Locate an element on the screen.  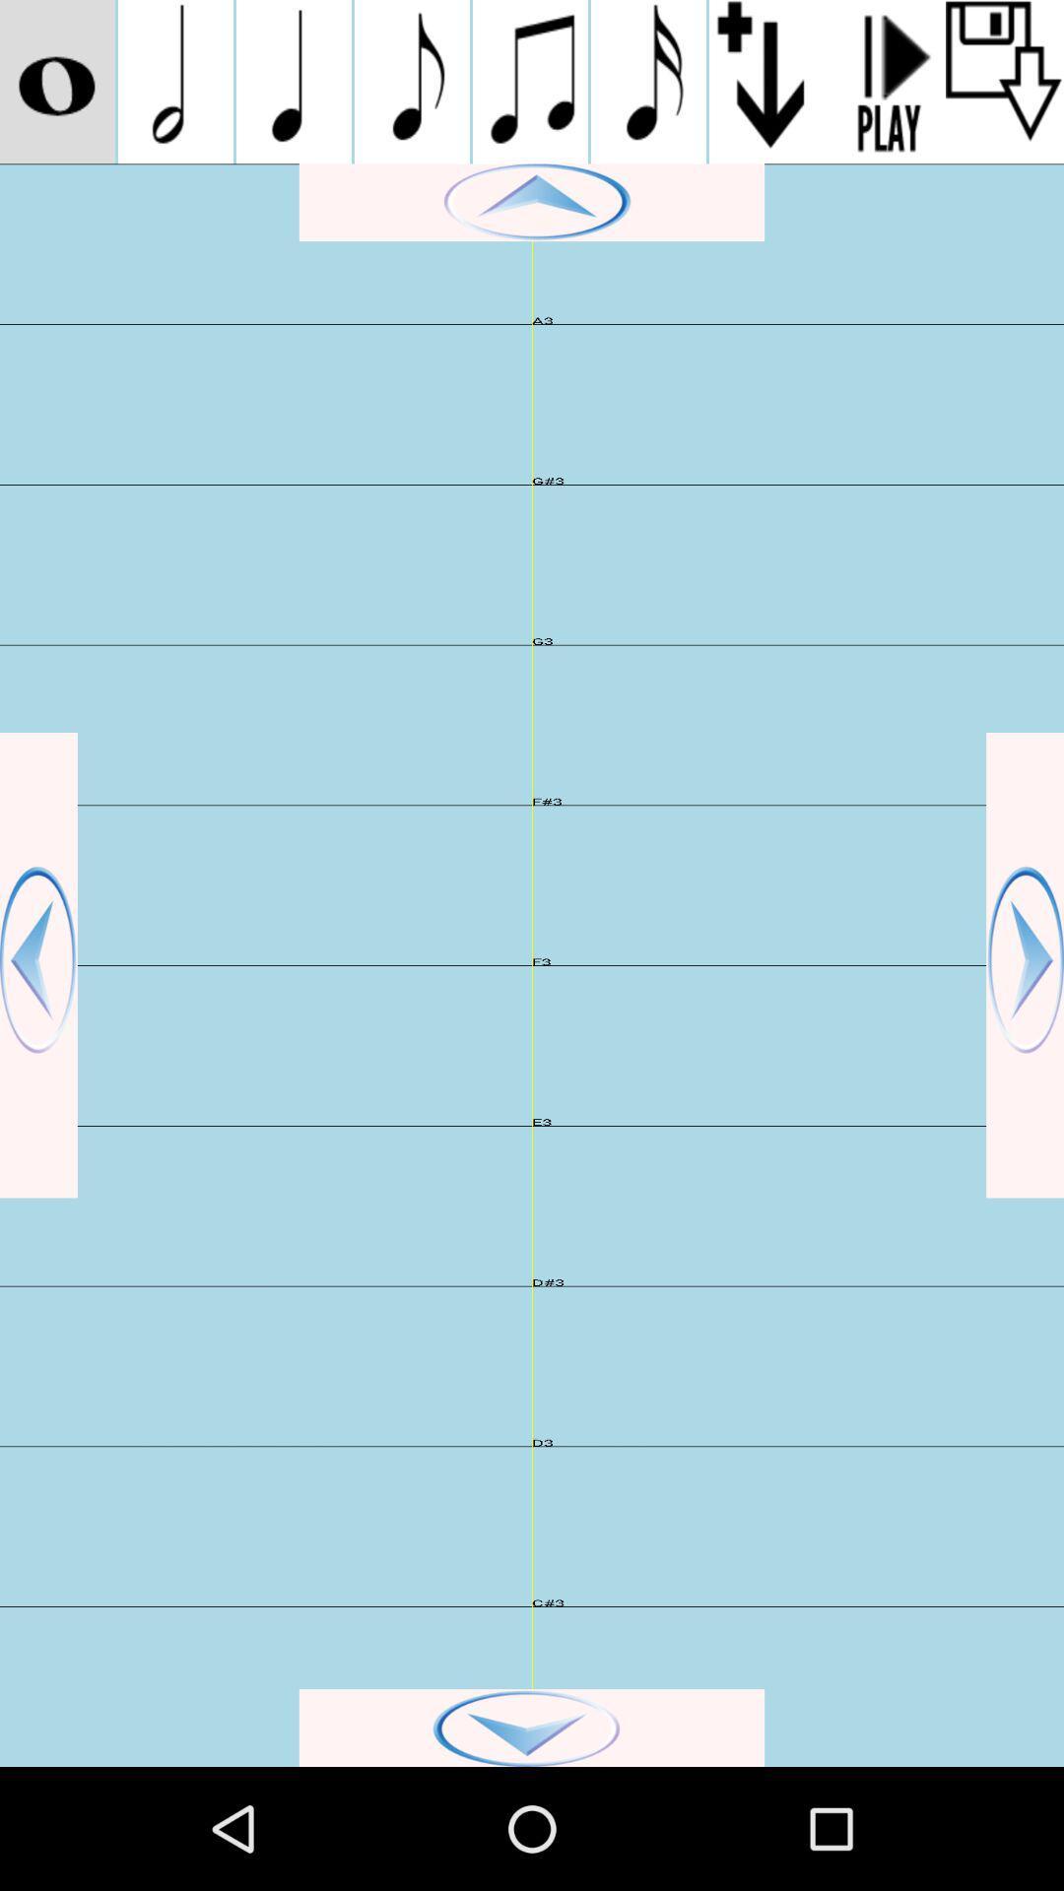
wholenote is located at coordinates (56, 81).